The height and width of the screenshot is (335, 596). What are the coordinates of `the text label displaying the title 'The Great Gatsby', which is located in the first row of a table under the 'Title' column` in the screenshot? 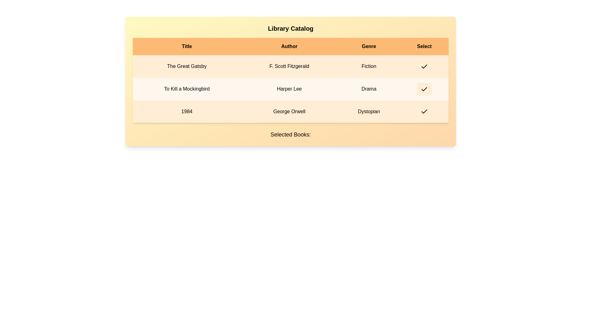 It's located at (187, 66).